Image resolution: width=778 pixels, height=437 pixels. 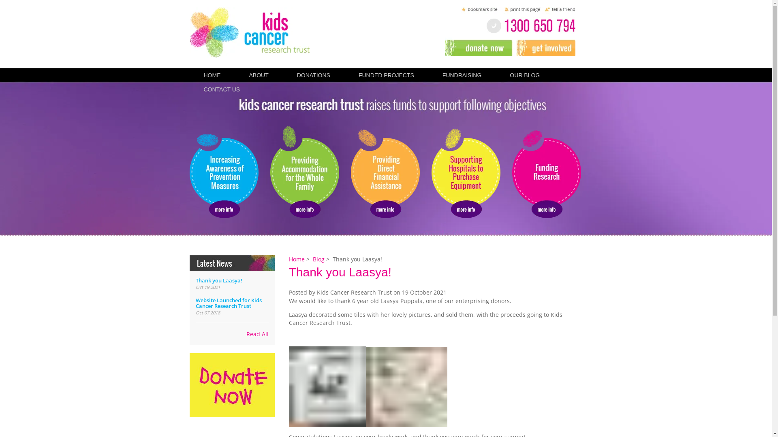 What do you see at coordinates (218, 280) in the screenshot?
I see `'Thank you Laasya!'` at bounding box center [218, 280].